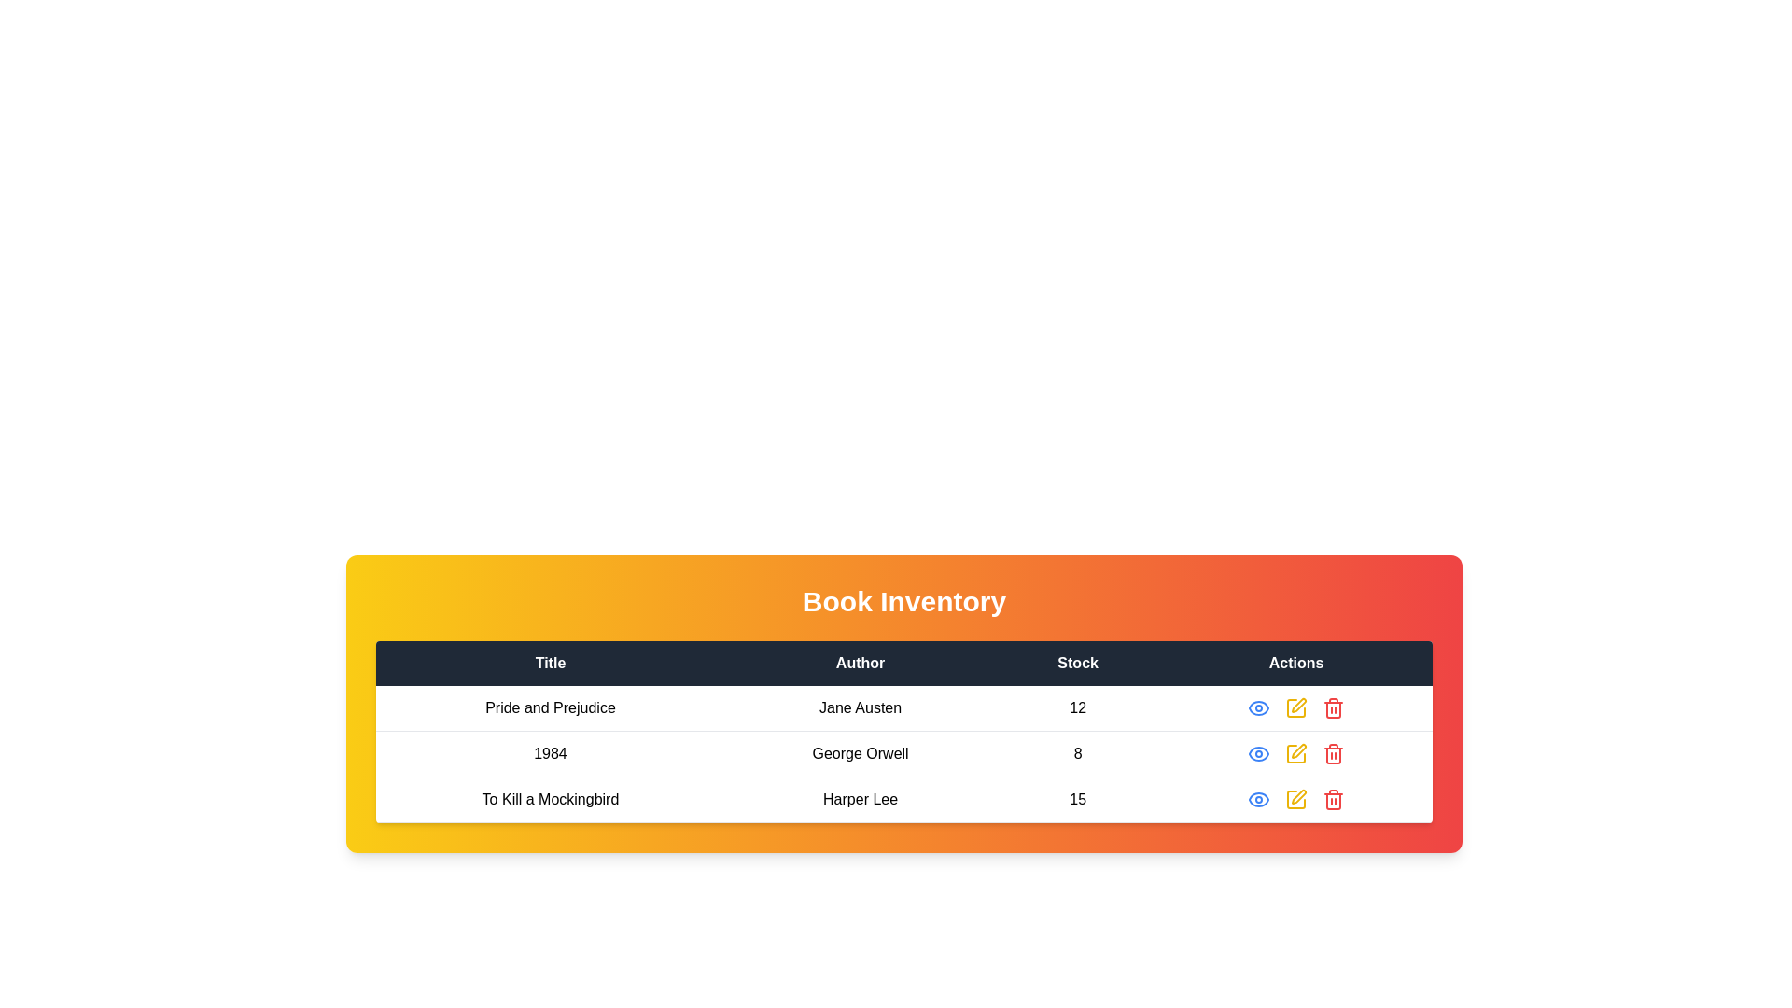  Describe the element at coordinates (860, 798) in the screenshot. I see `the Text label that represents the author's name for the book entry in the 'Book Inventory' table, located in the third row and second column, adjacent to 'To Kill a Mockingbird' and '15'` at that location.